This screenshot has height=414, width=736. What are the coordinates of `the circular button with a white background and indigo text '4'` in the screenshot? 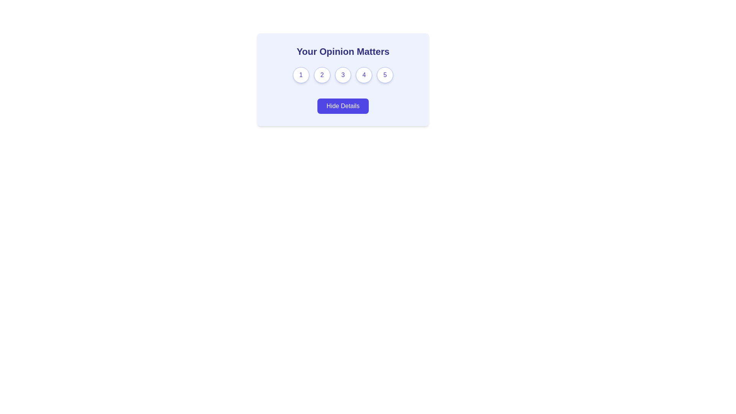 It's located at (363, 75).